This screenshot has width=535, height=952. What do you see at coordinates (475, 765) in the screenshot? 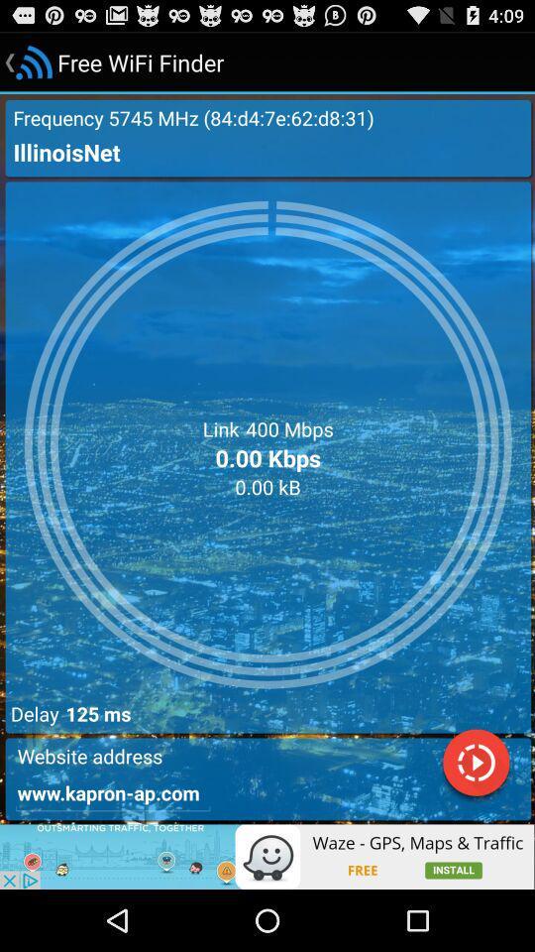
I see `next` at bounding box center [475, 765].